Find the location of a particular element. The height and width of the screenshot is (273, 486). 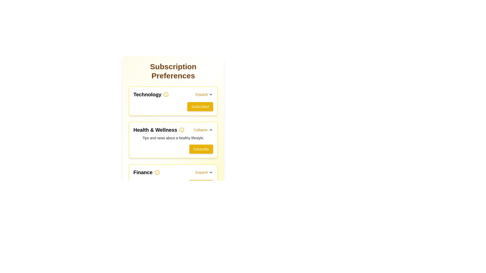

the 'Expand' text label, which is styled in golden-yellow color and is located in the 'Subscription Preferences' section of the 'Technology' card, positioned above the 'Subscribed' button is located at coordinates (201, 95).